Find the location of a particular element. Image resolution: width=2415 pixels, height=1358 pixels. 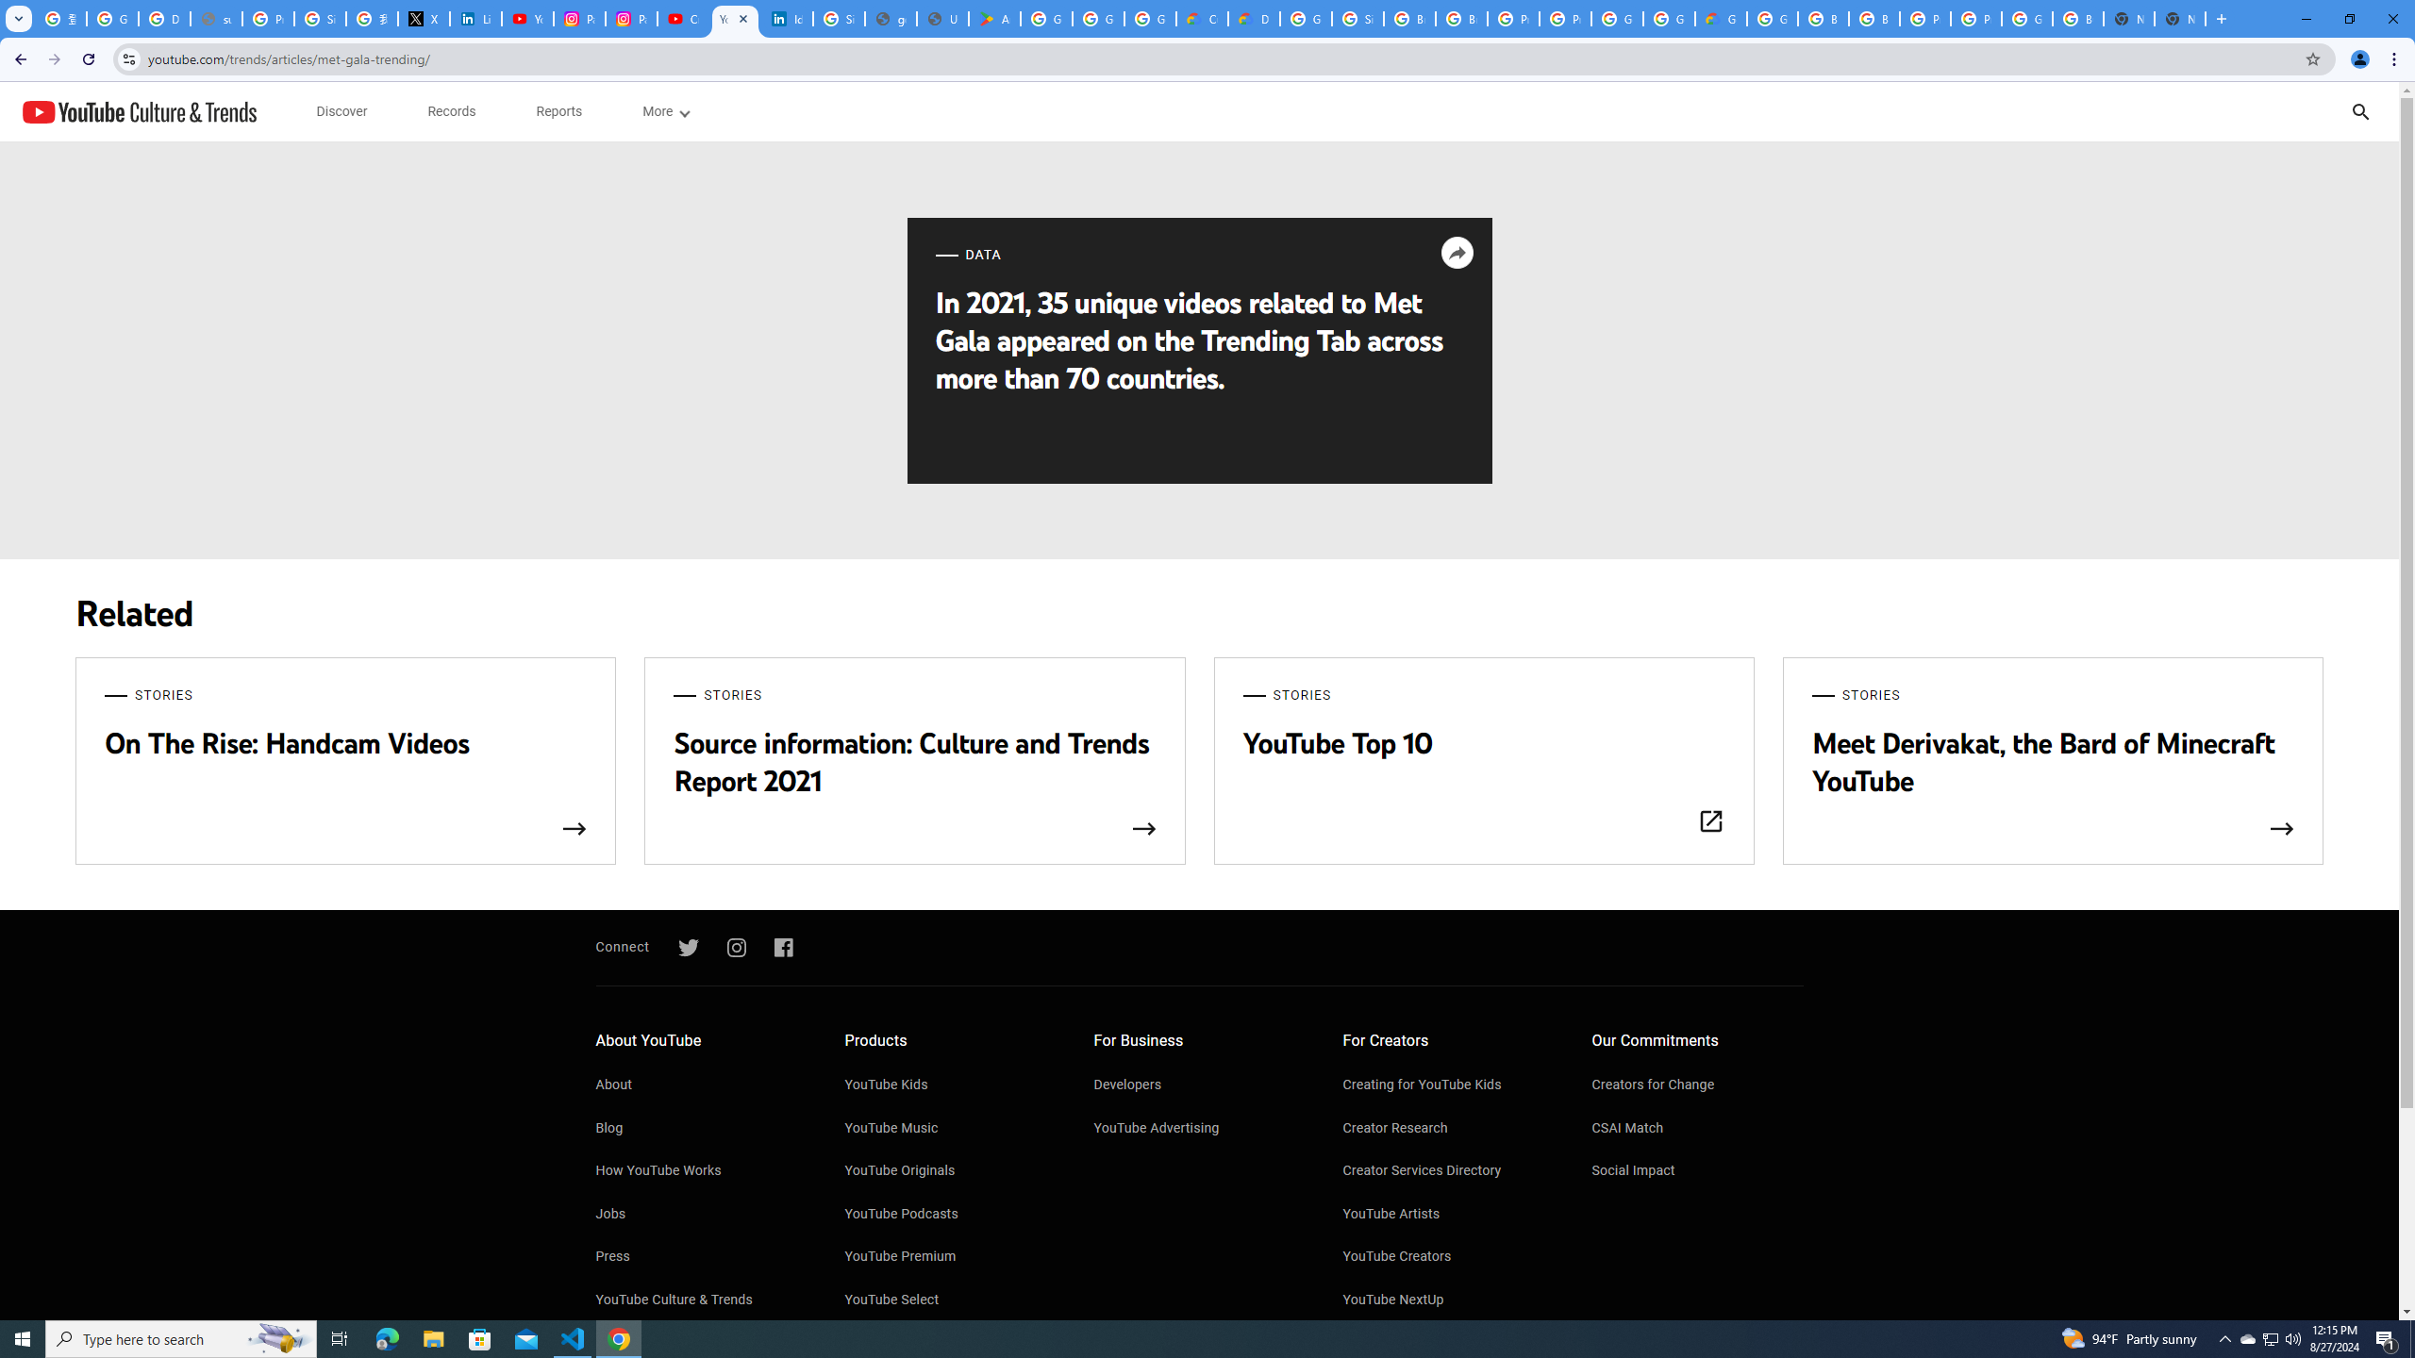

'subnav-More menupopup' is located at coordinates (665, 111).